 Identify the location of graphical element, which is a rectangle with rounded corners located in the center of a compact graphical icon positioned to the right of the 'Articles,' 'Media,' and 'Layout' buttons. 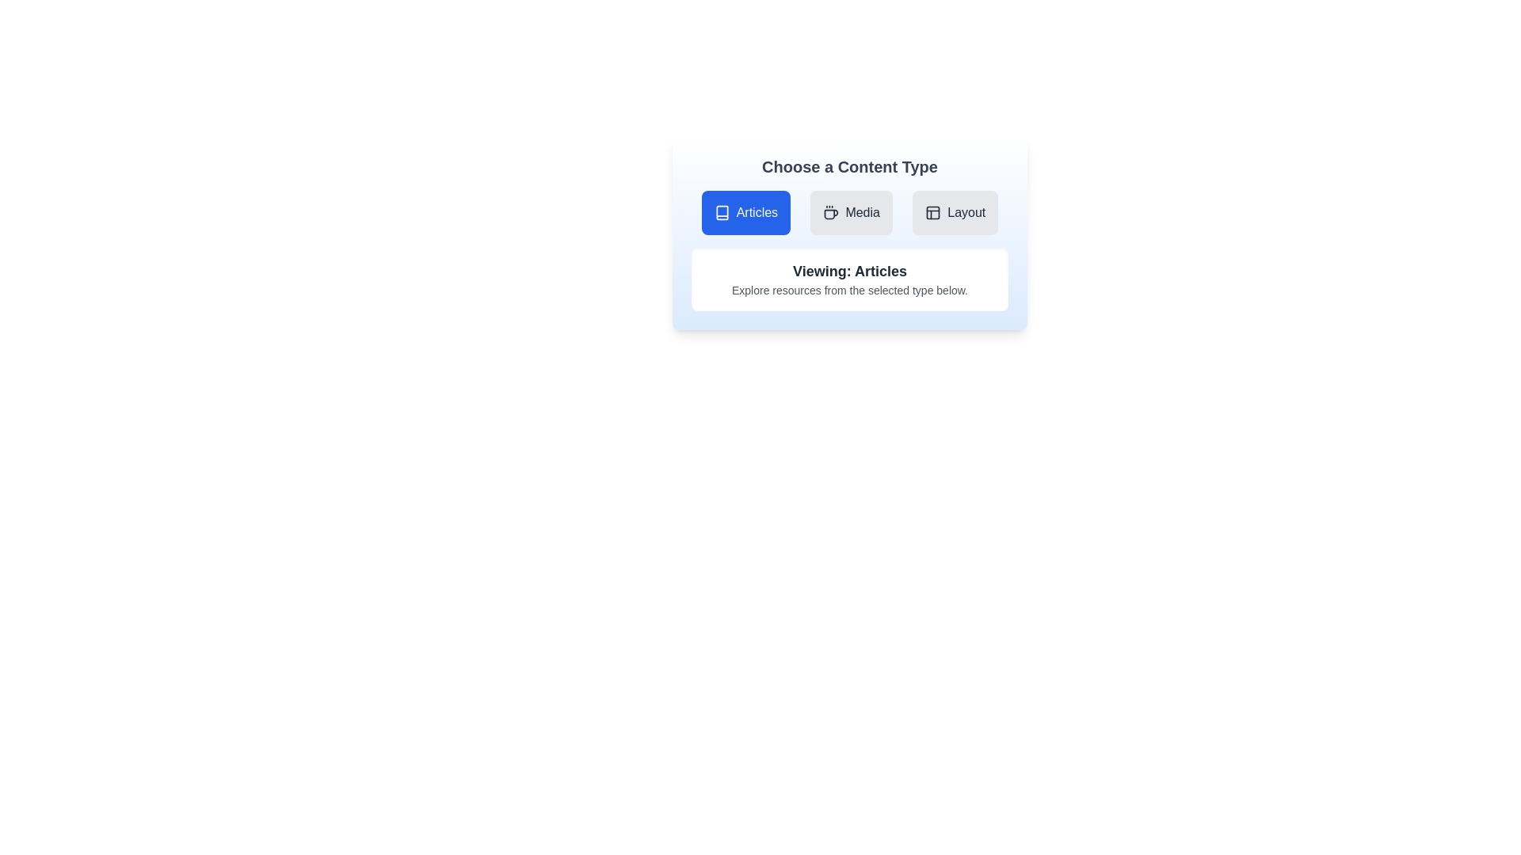
(933, 212).